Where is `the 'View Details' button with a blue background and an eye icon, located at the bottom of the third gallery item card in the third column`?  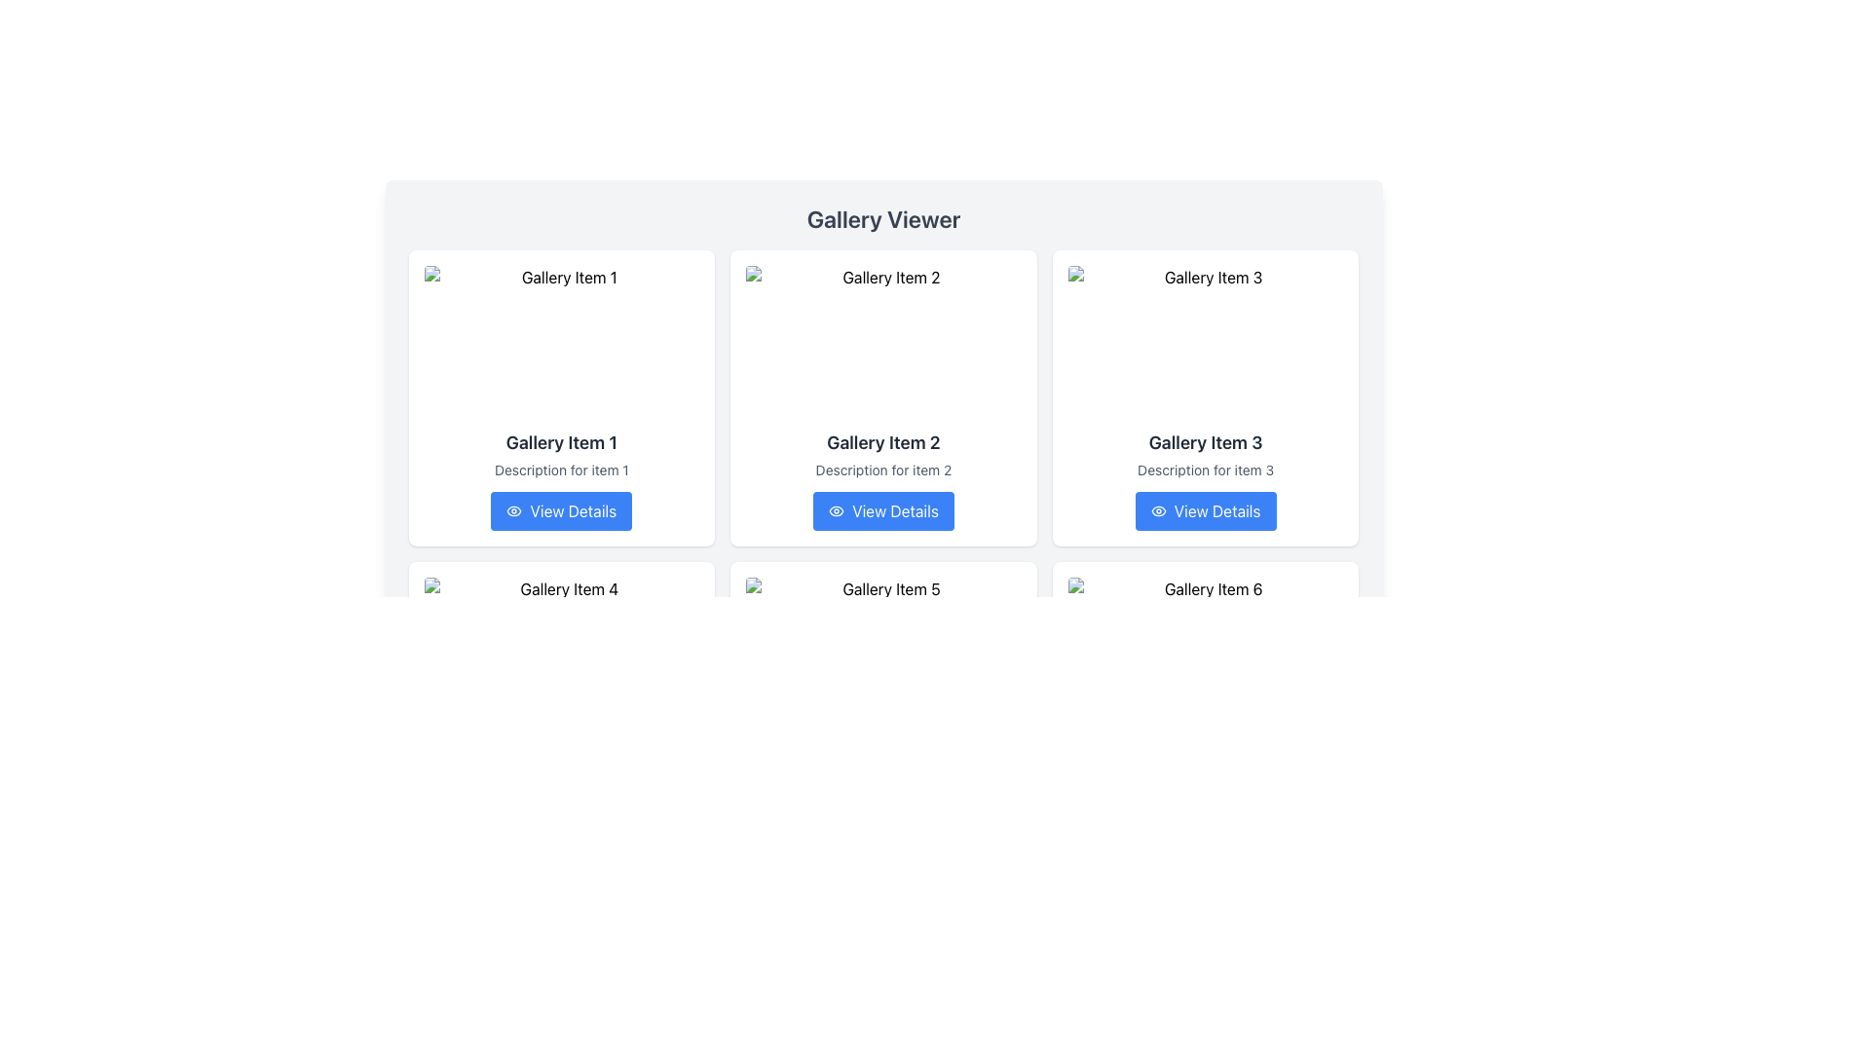
the 'View Details' button with a blue background and an eye icon, located at the bottom of the third gallery item card in the third column is located at coordinates (1205, 509).